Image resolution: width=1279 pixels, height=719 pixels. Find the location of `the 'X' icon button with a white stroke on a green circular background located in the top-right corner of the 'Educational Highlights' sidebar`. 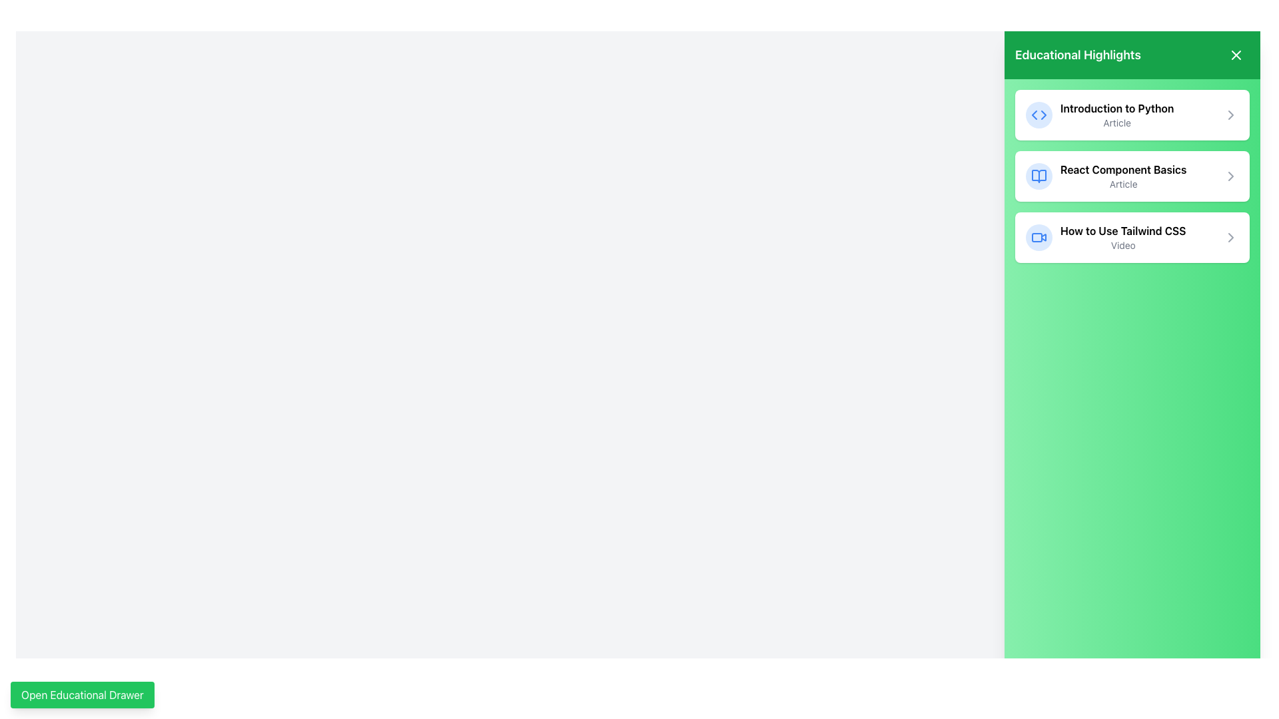

the 'X' icon button with a white stroke on a green circular background located in the top-right corner of the 'Educational Highlights' sidebar is located at coordinates (1236, 55).